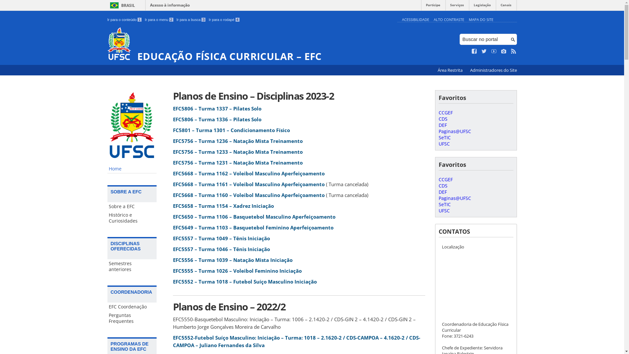 This screenshot has width=629, height=354. Describe the element at coordinates (438, 204) in the screenshot. I see `'SeTIC'` at that location.